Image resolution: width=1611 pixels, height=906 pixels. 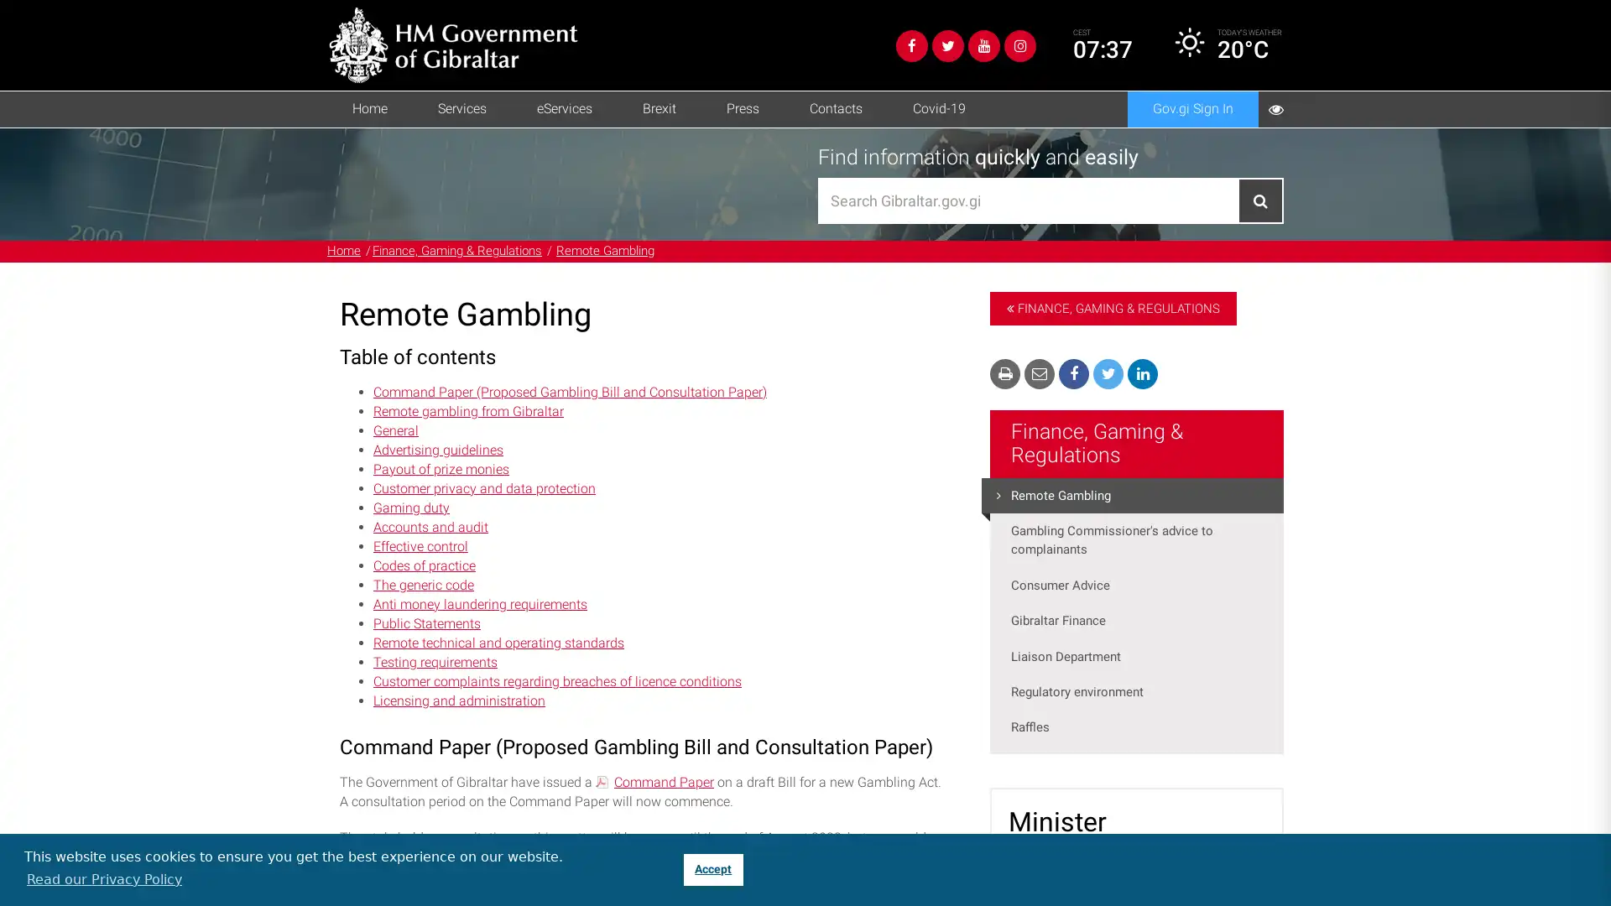 What do you see at coordinates (103, 878) in the screenshot?
I see `learn more about cookies` at bounding box center [103, 878].